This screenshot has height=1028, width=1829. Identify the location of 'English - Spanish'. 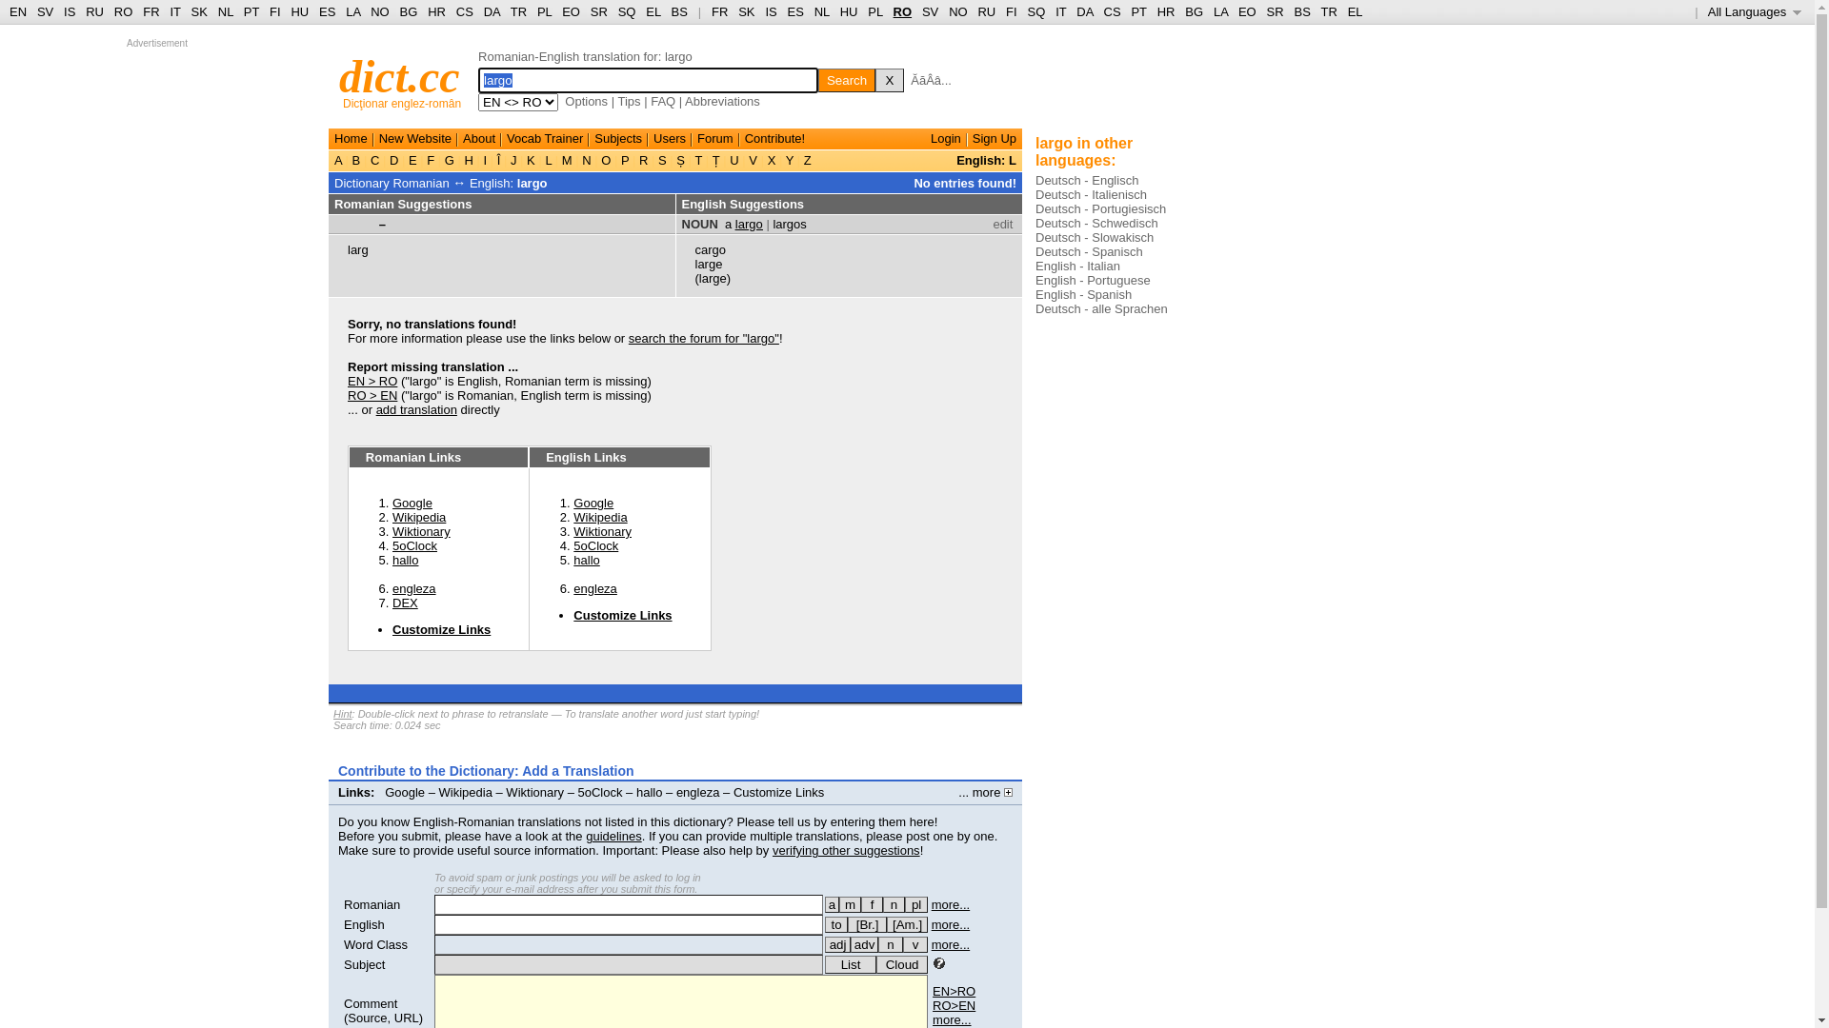
(1083, 294).